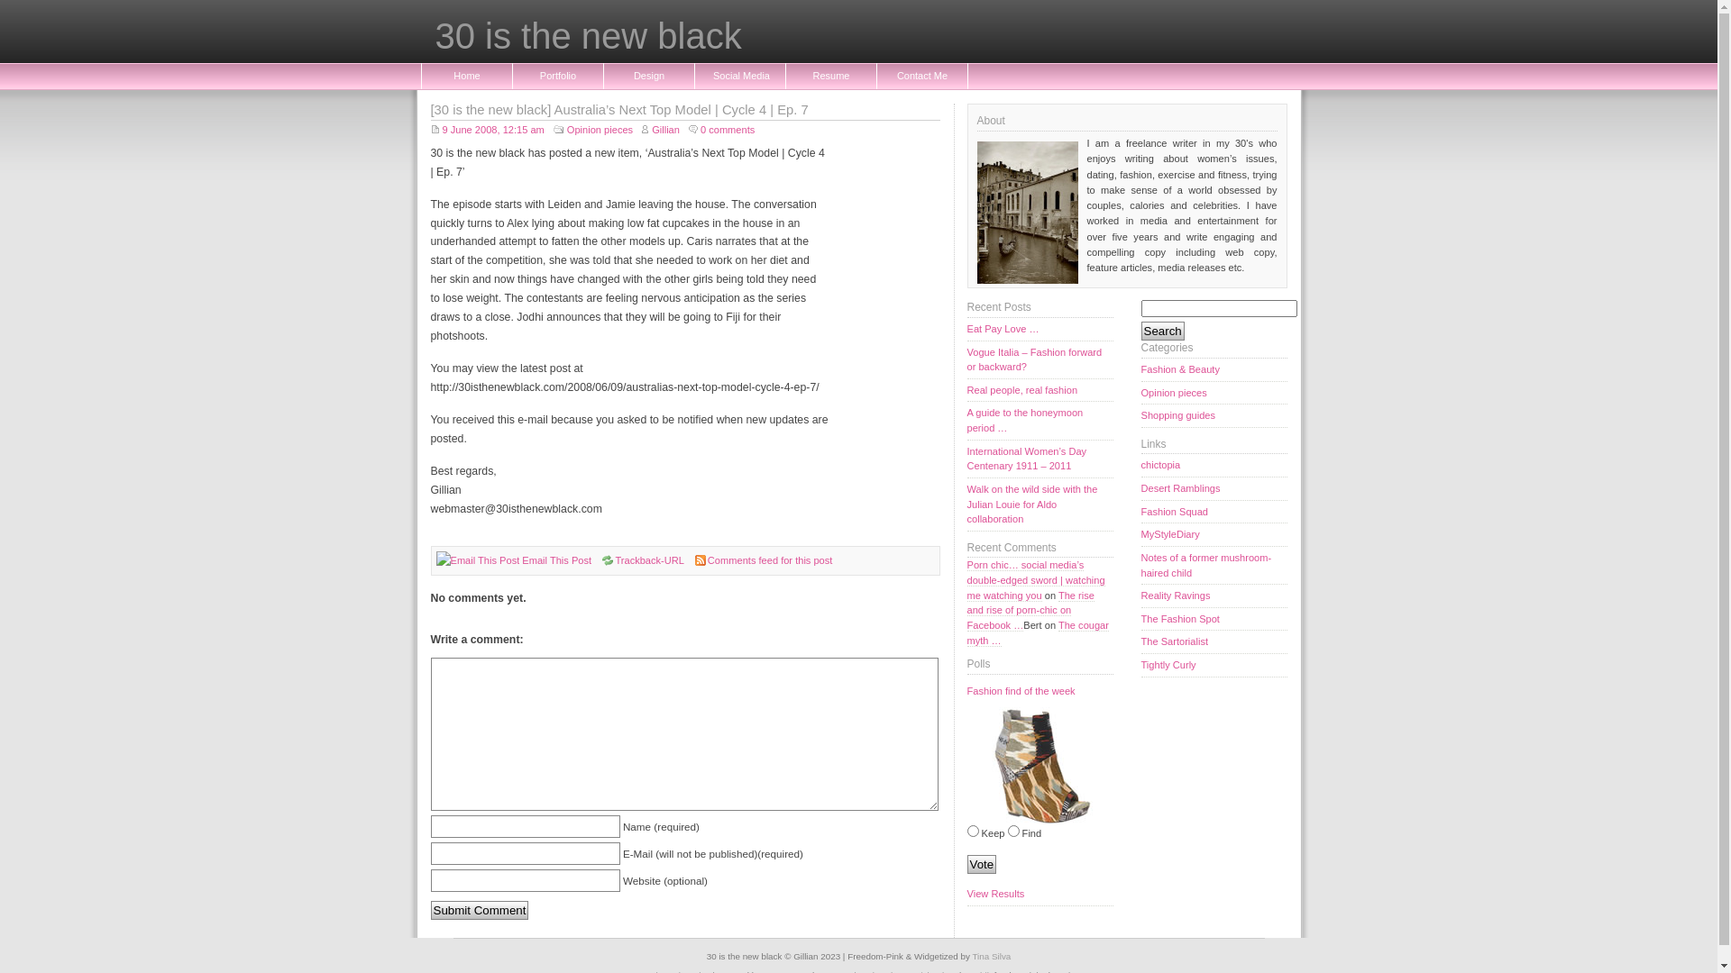  What do you see at coordinates (1214, 666) in the screenshot?
I see `'Tightly Curly'` at bounding box center [1214, 666].